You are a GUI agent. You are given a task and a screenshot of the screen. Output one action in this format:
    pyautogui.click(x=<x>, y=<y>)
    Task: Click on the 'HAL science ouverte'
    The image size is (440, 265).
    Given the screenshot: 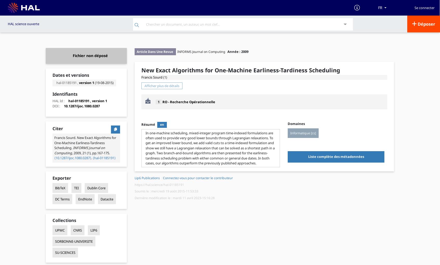 What is the action you would take?
    pyautogui.click(x=7, y=23)
    